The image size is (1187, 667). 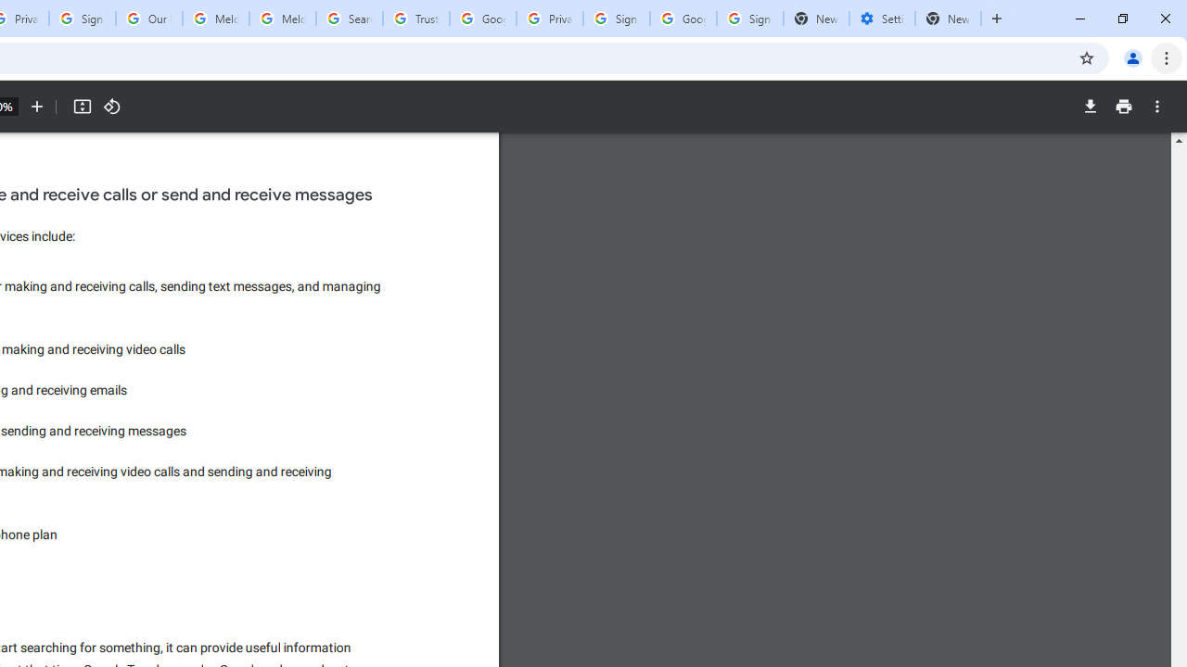 I want to click on 'Rotate counterclockwise', so click(x=110, y=107).